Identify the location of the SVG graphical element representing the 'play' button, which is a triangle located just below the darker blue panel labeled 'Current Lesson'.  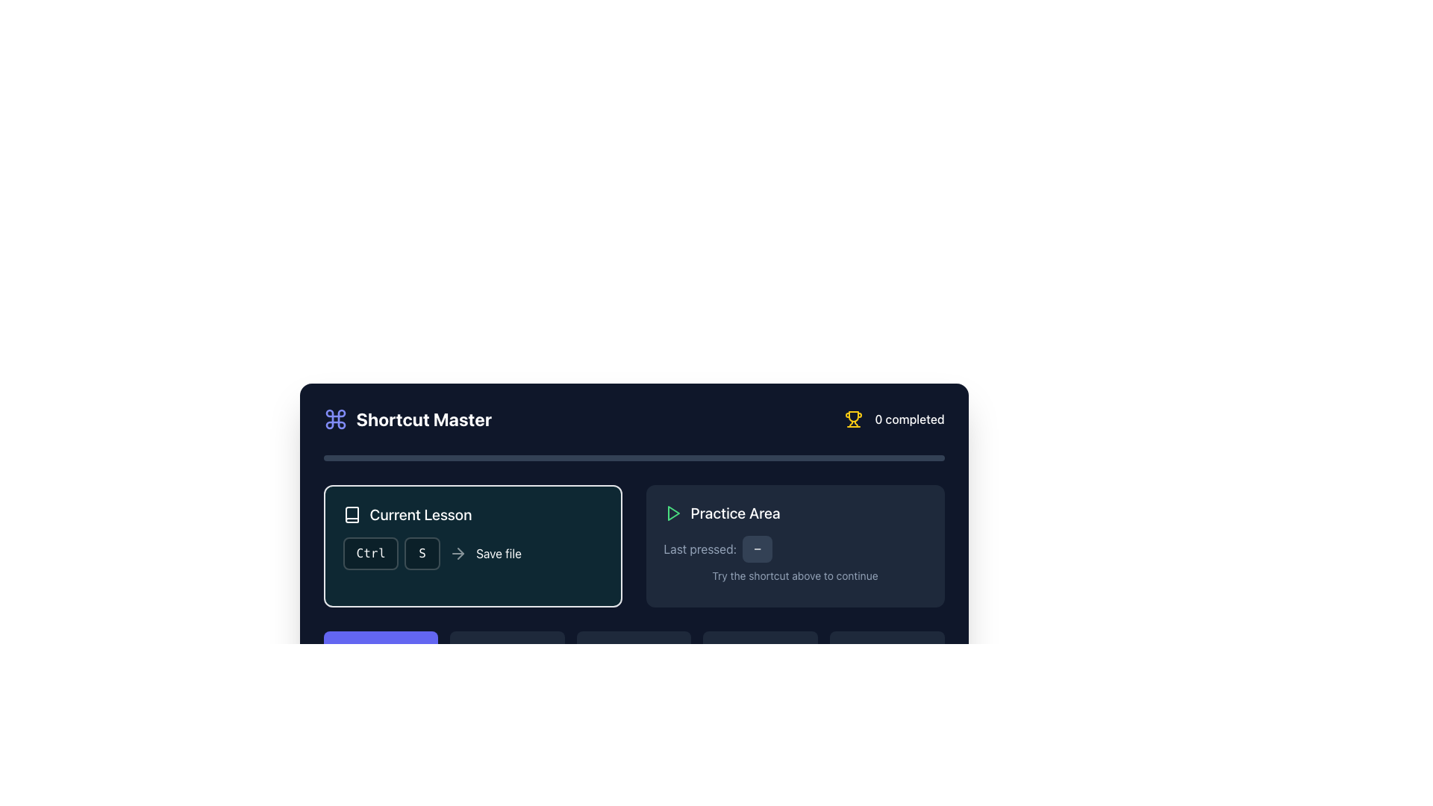
(381, 652).